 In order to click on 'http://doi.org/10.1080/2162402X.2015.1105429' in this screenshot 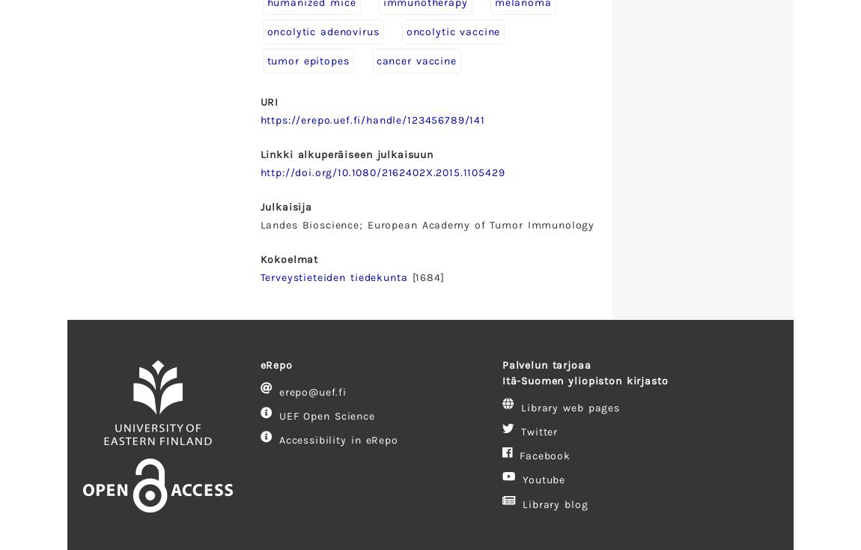, I will do `click(259, 172)`.